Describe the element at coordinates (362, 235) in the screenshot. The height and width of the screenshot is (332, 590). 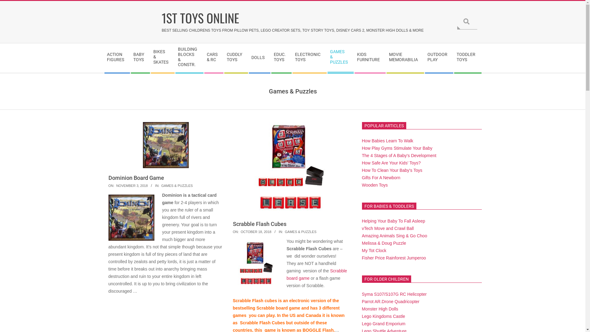
I see `'Amazing Animals Sing & Go Choo'` at that location.